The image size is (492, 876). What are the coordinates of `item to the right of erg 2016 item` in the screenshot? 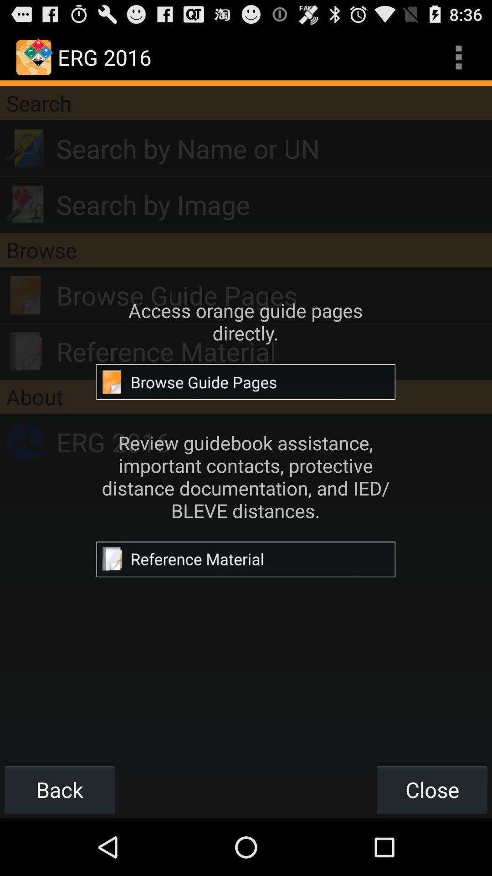 It's located at (458, 57).